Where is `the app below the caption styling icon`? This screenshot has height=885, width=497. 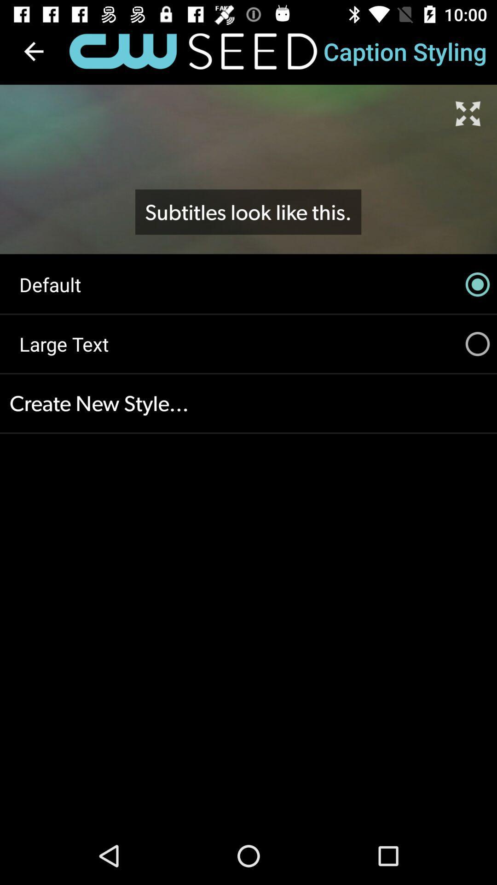
the app below the caption styling icon is located at coordinates (468, 113).